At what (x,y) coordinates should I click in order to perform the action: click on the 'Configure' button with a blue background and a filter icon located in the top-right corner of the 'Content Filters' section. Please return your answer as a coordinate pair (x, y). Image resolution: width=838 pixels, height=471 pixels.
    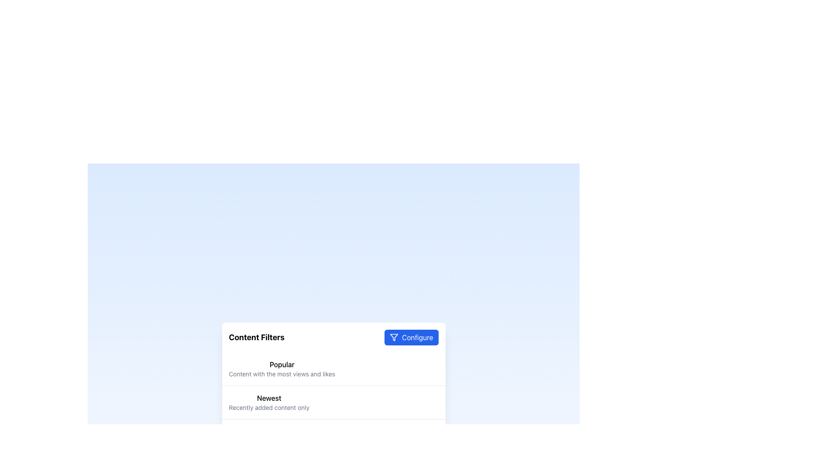
    Looking at the image, I should click on (411, 337).